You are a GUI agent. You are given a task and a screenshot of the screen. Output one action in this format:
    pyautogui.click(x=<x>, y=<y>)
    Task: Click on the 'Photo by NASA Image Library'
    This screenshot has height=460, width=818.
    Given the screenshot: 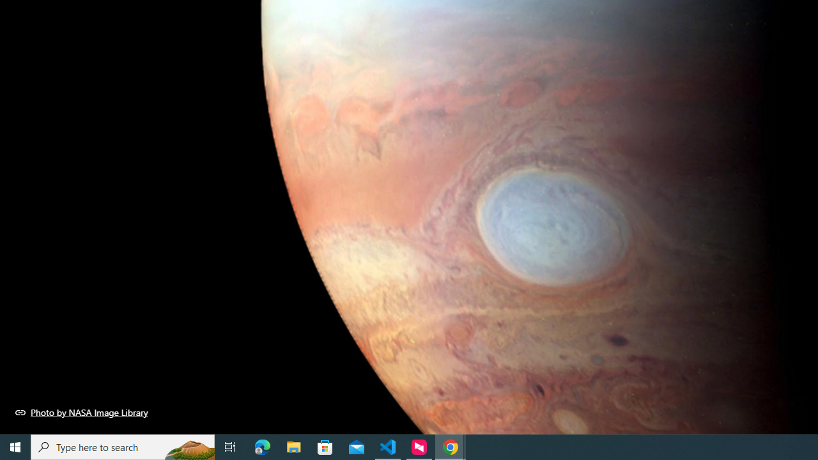 What is the action you would take?
    pyautogui.click(x=81, y=412)
    